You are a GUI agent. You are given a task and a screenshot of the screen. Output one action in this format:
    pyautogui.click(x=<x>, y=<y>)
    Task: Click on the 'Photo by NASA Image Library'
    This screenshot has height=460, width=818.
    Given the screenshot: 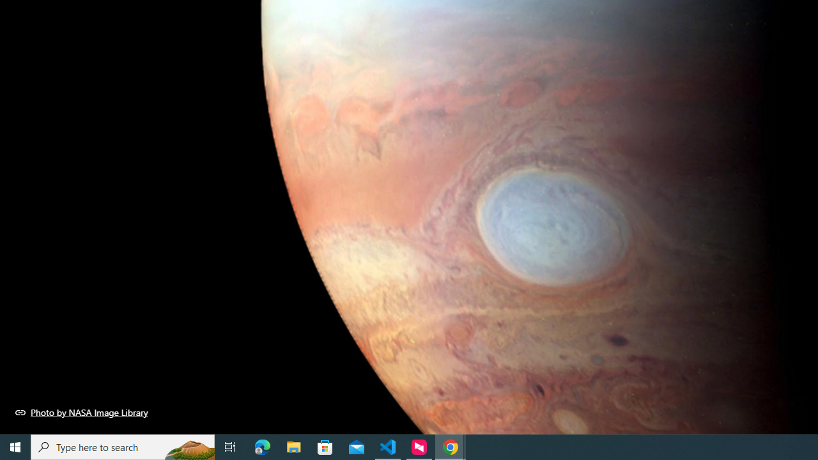 What is the action you would take?
    pyautogui.click(x=81, y=412)
    